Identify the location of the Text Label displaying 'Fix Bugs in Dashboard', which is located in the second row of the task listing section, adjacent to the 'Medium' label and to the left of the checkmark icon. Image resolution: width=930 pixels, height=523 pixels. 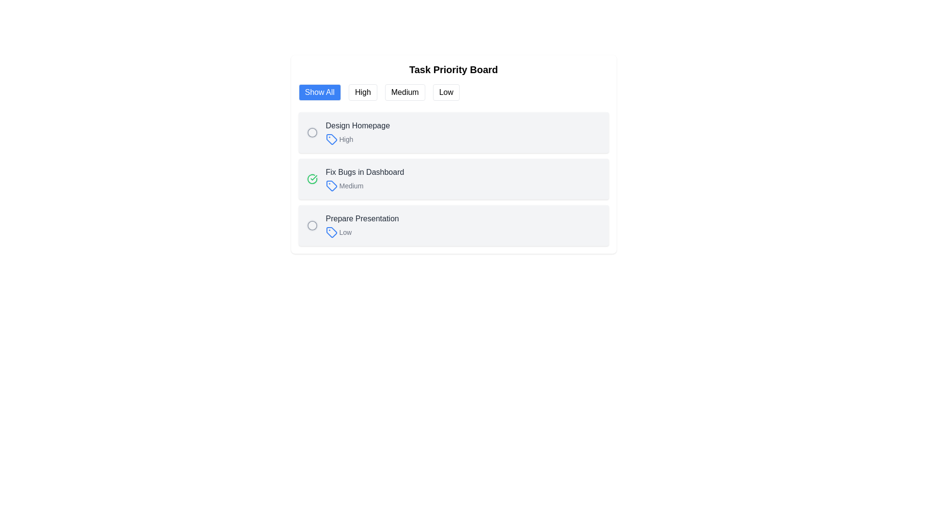
(364, 171).